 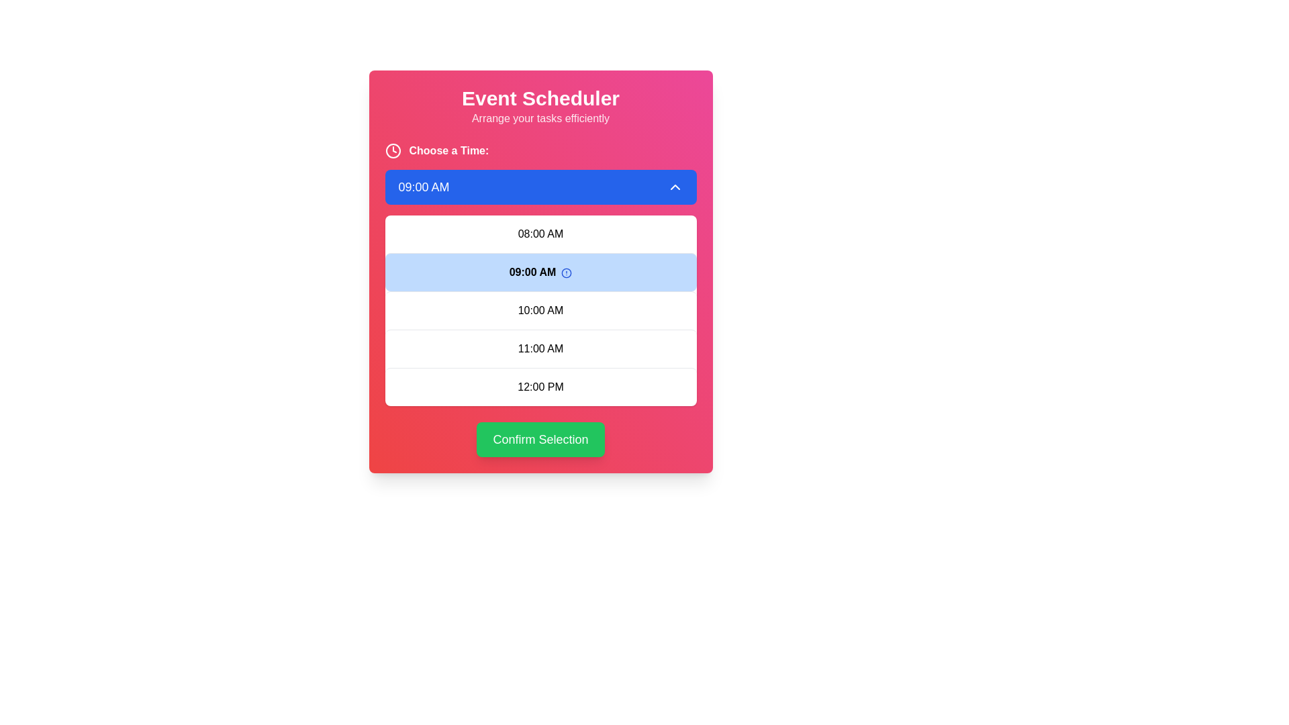 What do you see at coordinates (540, 310) in the screenshot?
I see `a time slot from the dropdown menu below the '09:00 AM' blue dropdown in the 'Choose a Time:' section by clicking on it` at bounding box center [540, 310].